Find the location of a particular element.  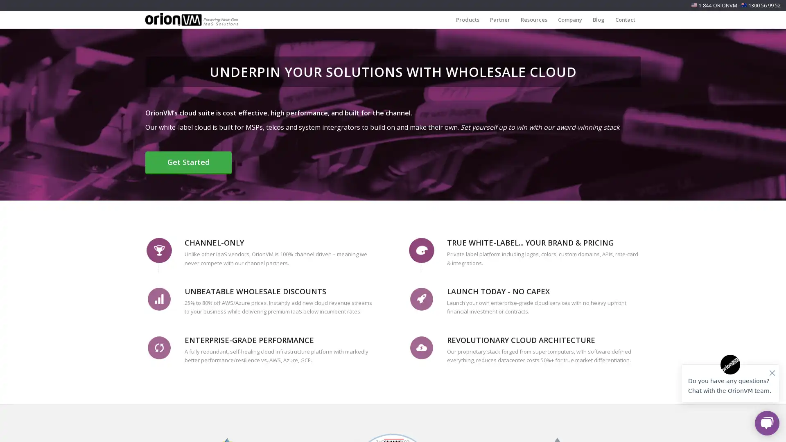

Close is located at coordinates (163, 375).